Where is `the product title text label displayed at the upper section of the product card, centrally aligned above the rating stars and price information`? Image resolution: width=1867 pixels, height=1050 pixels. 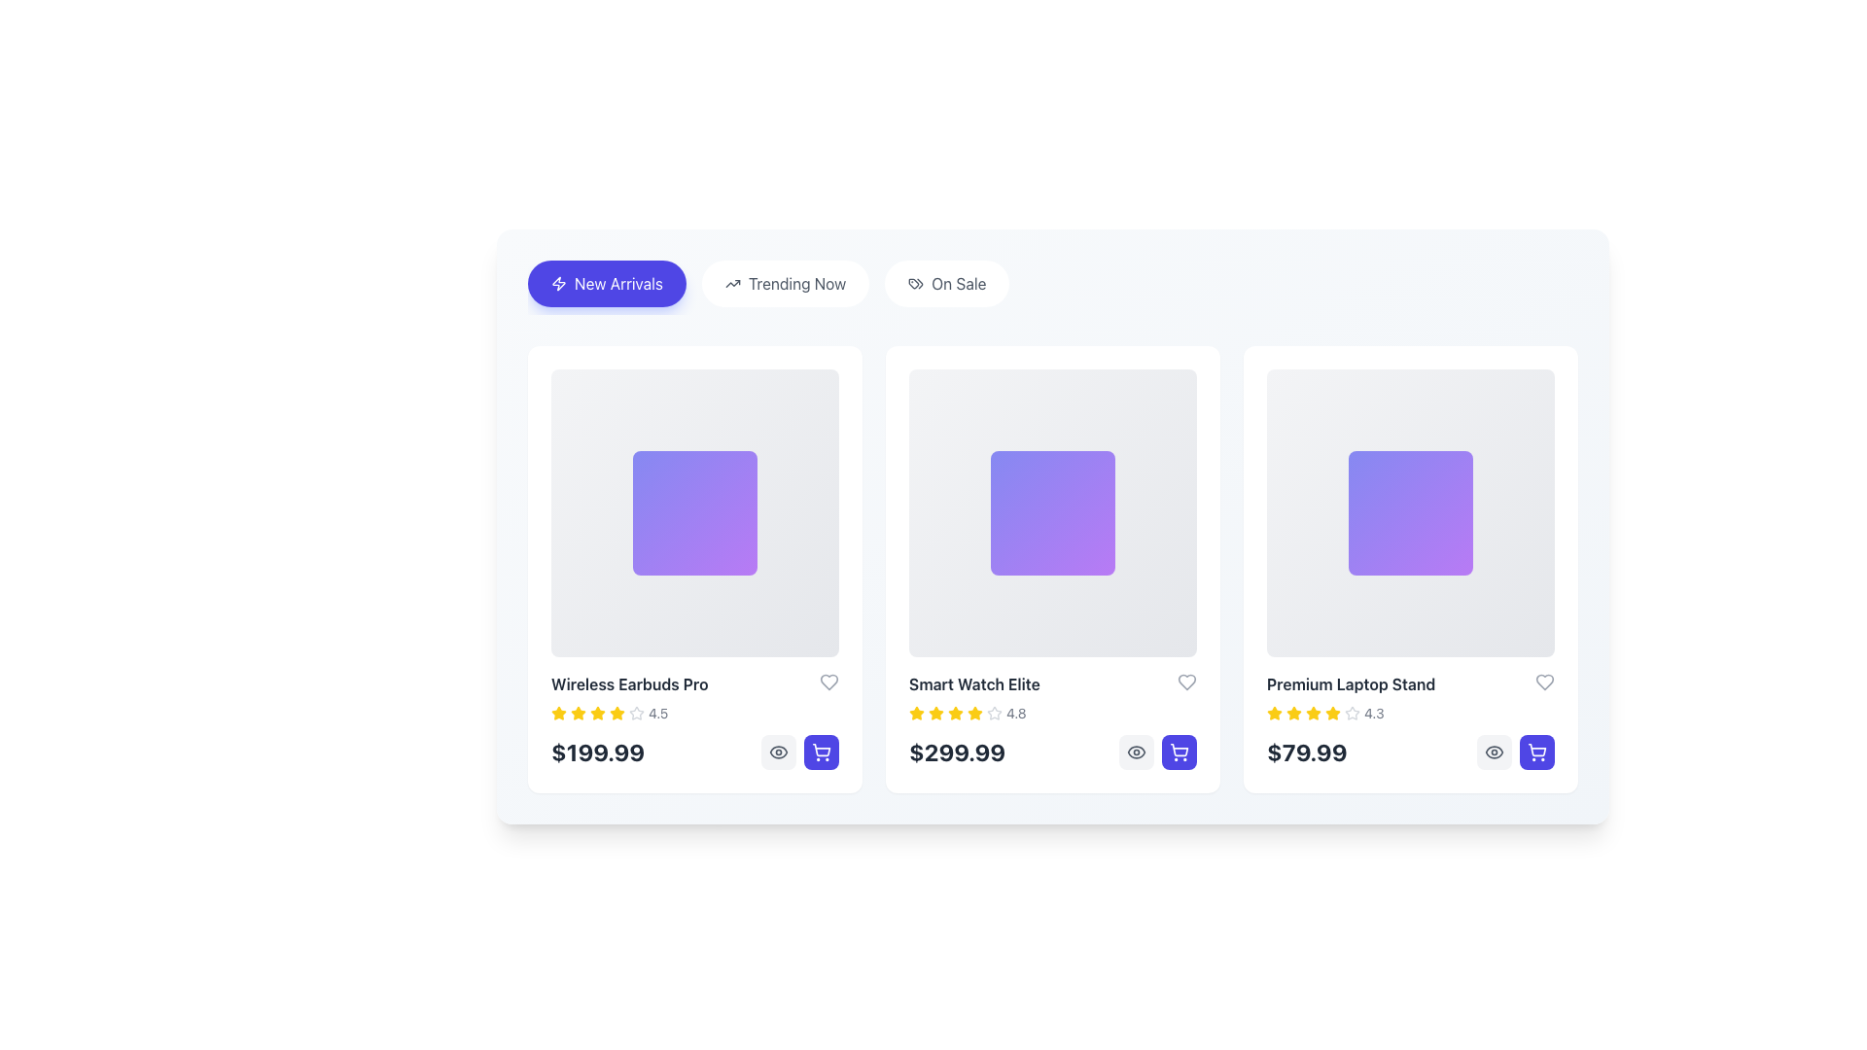 the product title text label displayed at the upper section of the product card, centrally aligned above the rating stars and price information is located at coordinates (695, 683).